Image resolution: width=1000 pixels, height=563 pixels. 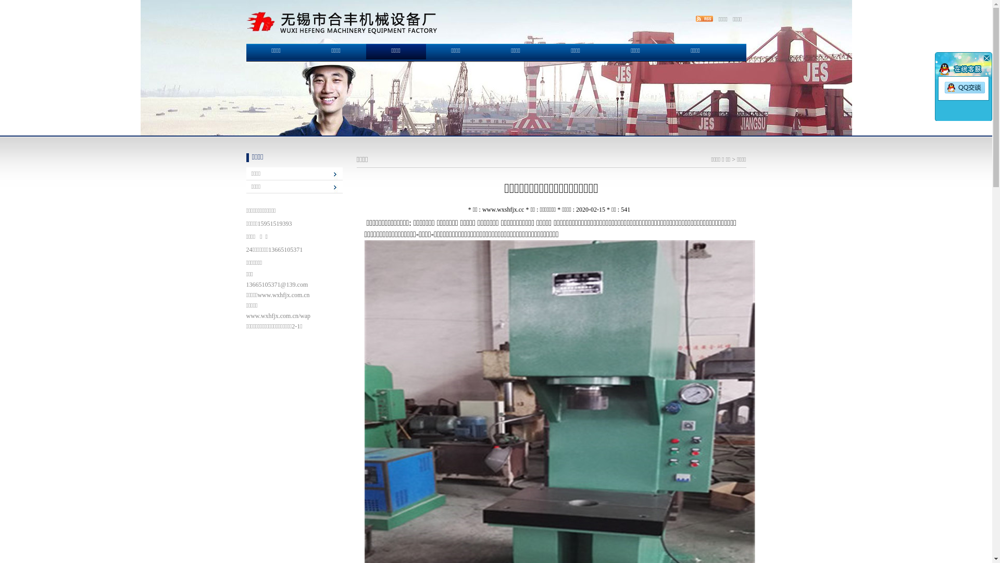 I want to click on 'www.wxhfjx.com.cn/wap', so click(x=278, y=315).